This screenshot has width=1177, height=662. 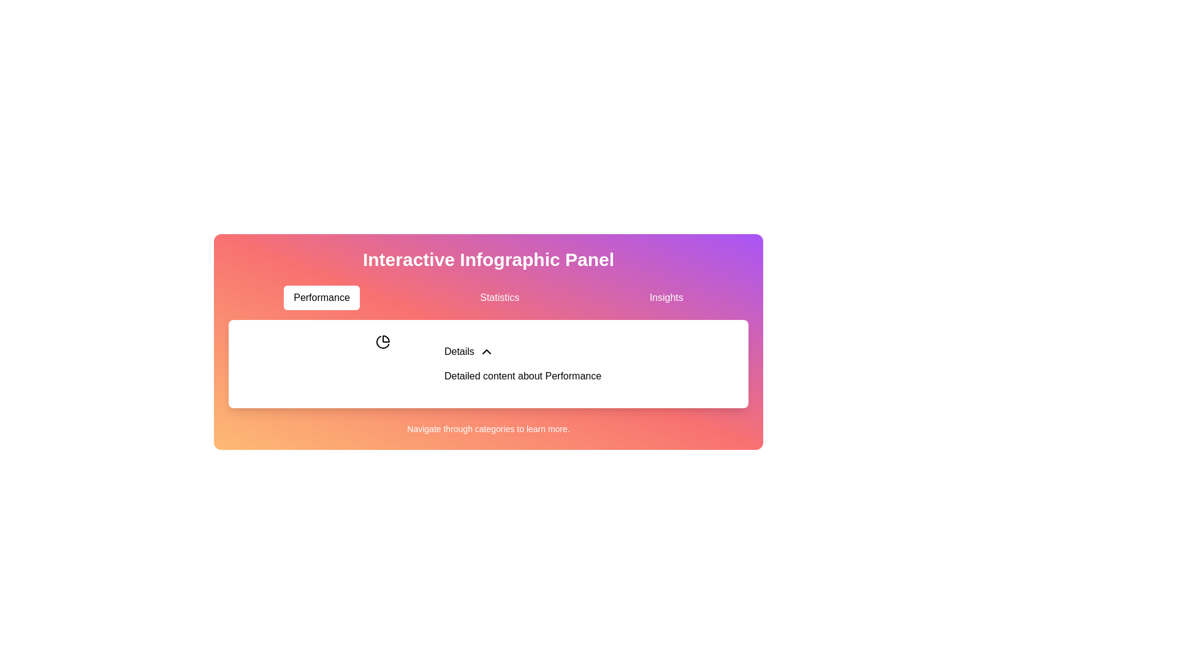 What do you see at coordinates (382, 342) in the screenshot?
I see `the chart visualization icon located within a white card, right below the 'Performance' tab and to the left of the 'Details' title` at bounding box center [382, 342].